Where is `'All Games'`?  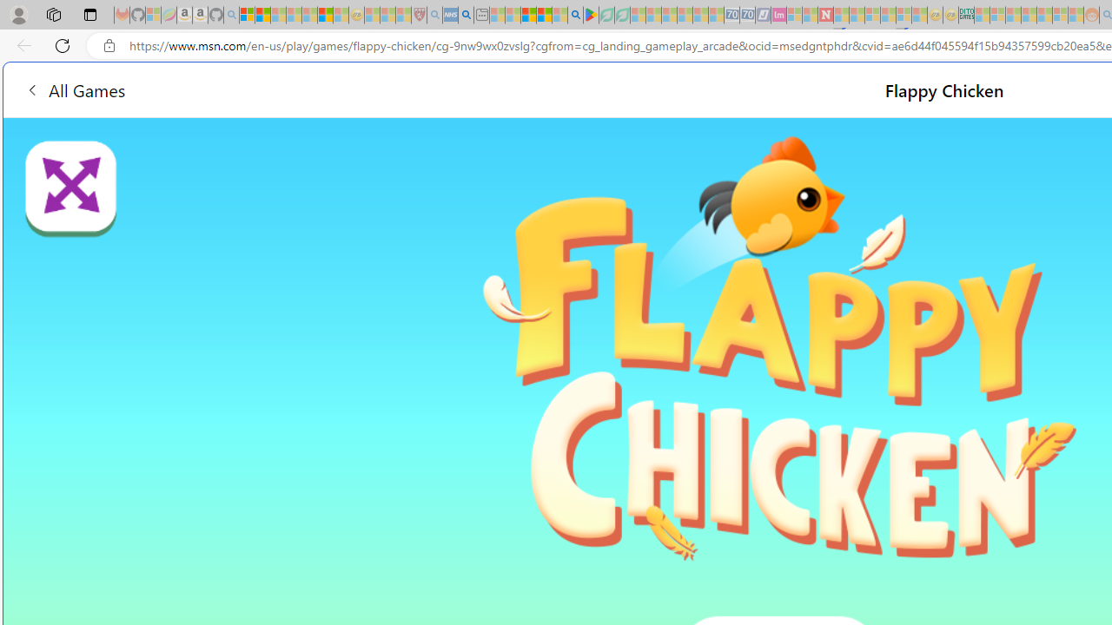
'All Games' is located at coordinates (74, 89).